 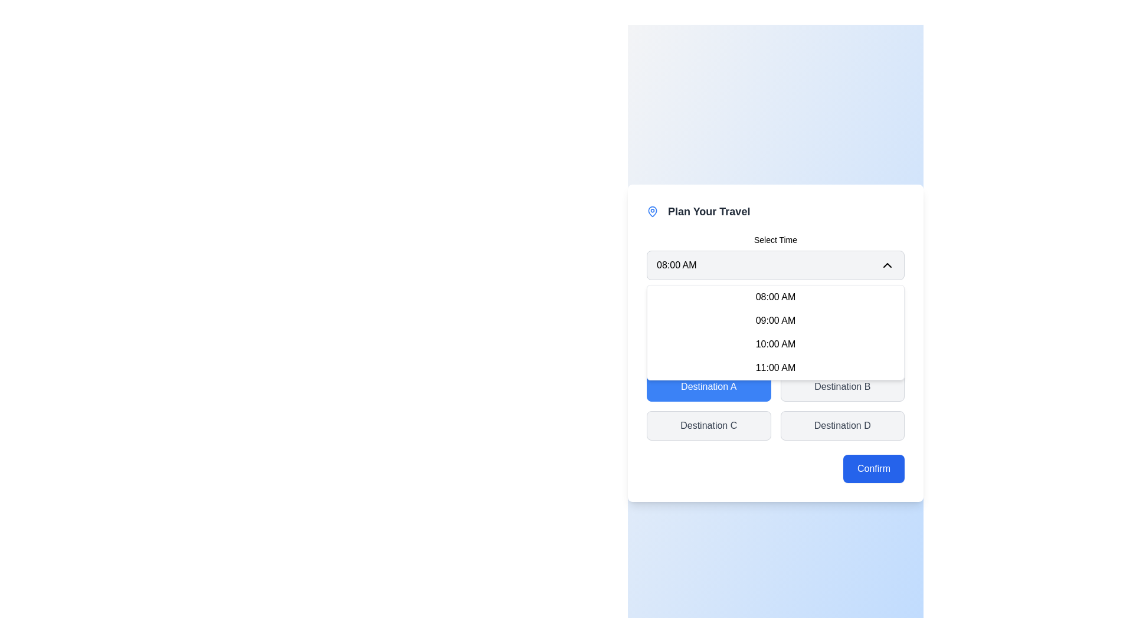 What do you see at coordinates (708, 425) in the screenshot?
I see `the button labeled 'Destination C', which is a rectangular button with rounded corners, light gray background, and dark gray text, located in the bottom-left of the grid layout` at bounding box center [708, 425].